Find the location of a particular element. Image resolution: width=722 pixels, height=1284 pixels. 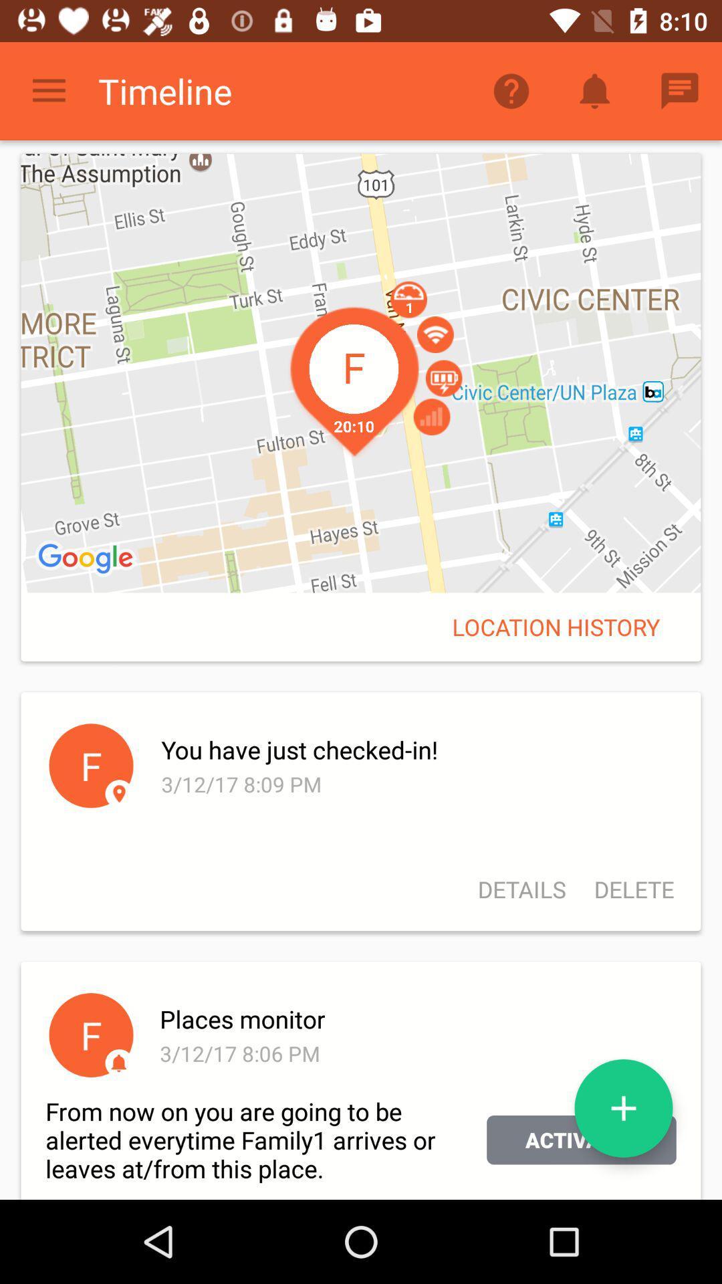

icon below the details icon is located at coordinates (415, 1018).